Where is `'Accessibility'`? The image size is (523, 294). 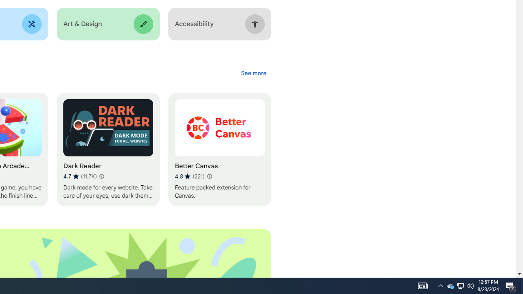 'Accessibility' is located at coordinates (219, 24).